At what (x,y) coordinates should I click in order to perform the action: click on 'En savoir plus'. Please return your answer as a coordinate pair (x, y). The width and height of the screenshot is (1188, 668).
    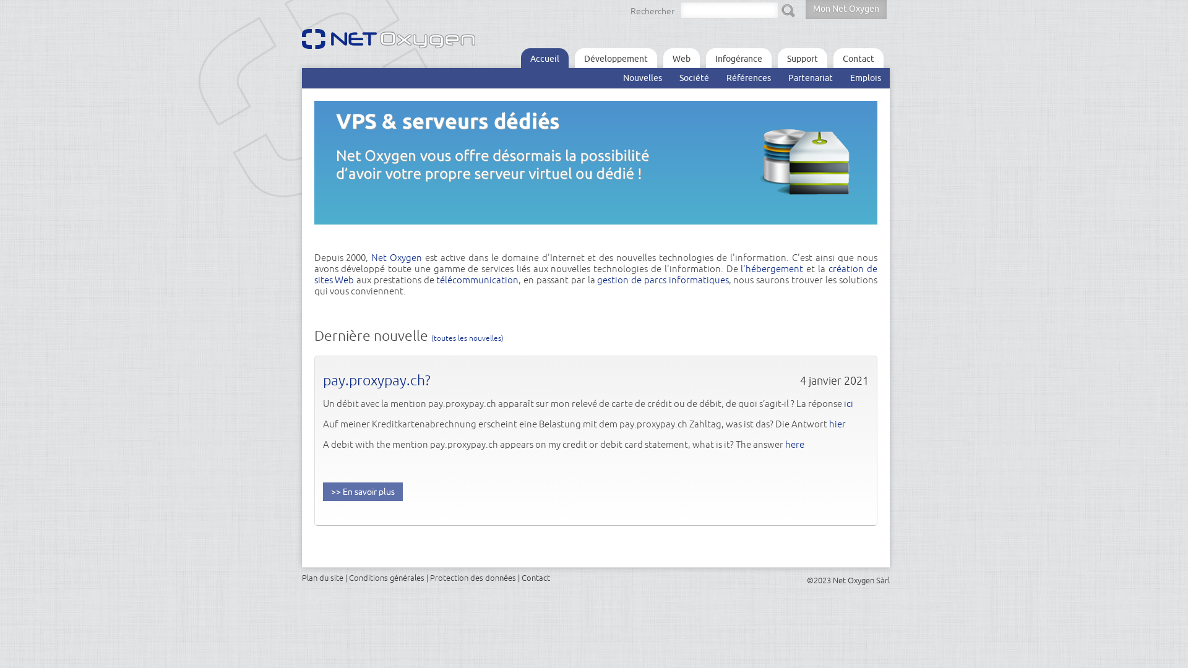
    Looking at the image, I should click on (362, 490).